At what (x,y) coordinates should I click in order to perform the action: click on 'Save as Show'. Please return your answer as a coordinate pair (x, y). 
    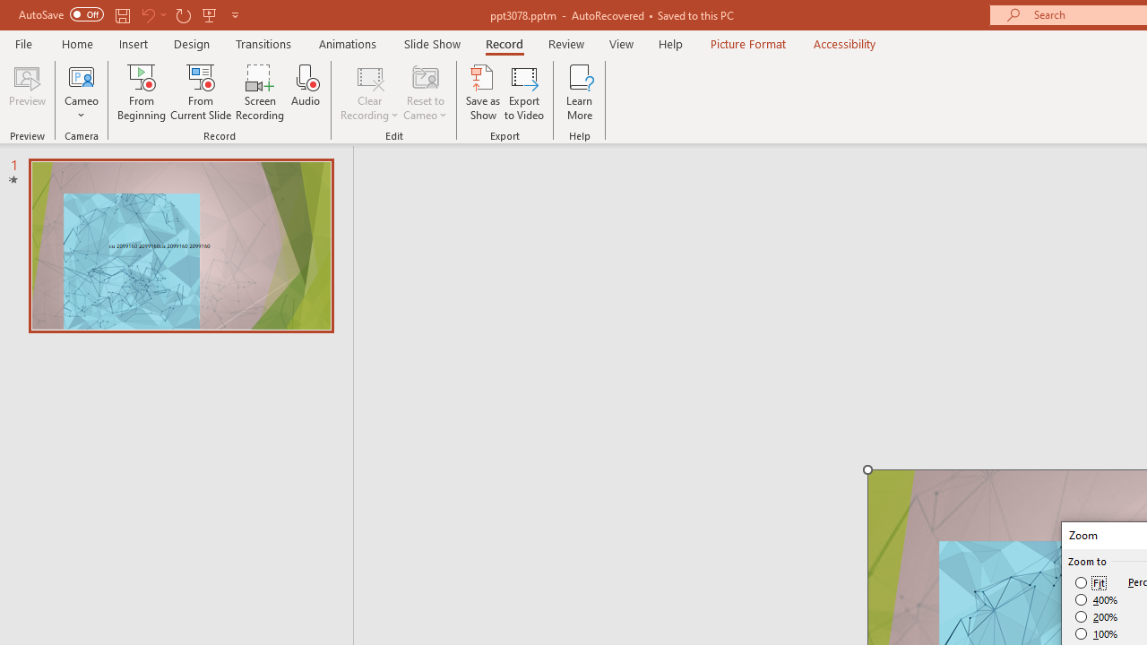
    Looking at the image, I should click on (483, 92).